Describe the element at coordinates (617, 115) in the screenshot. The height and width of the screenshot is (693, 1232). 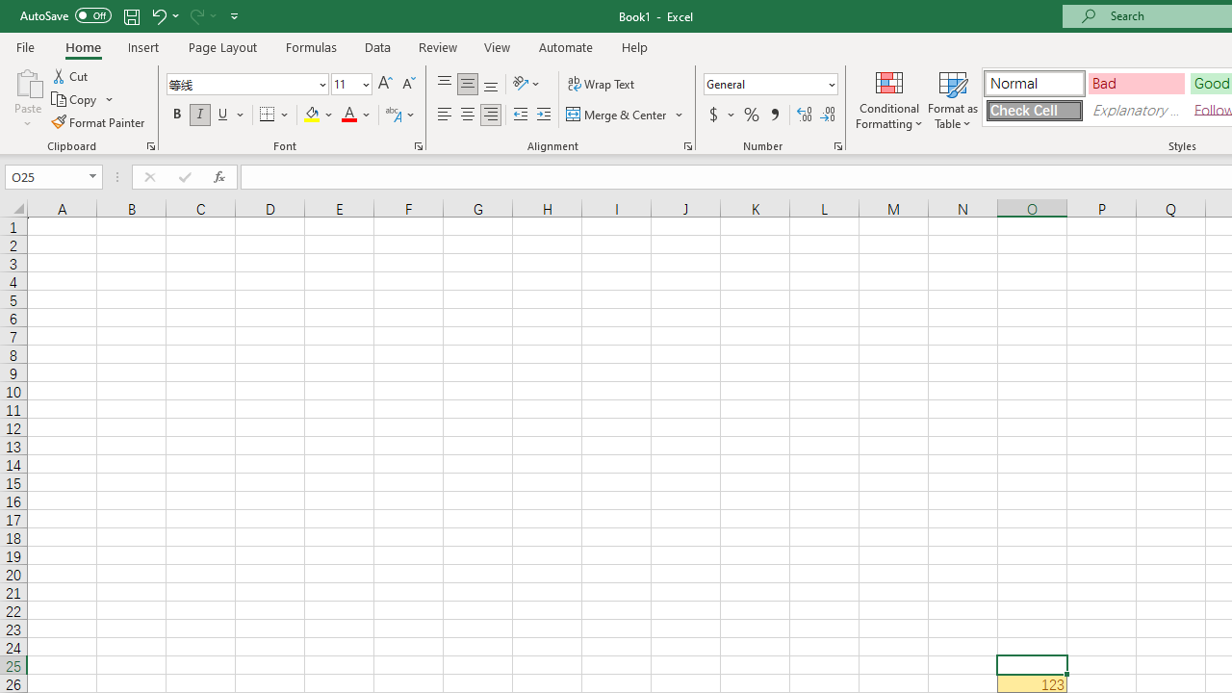
I see `'Merge & Center'` at that location.